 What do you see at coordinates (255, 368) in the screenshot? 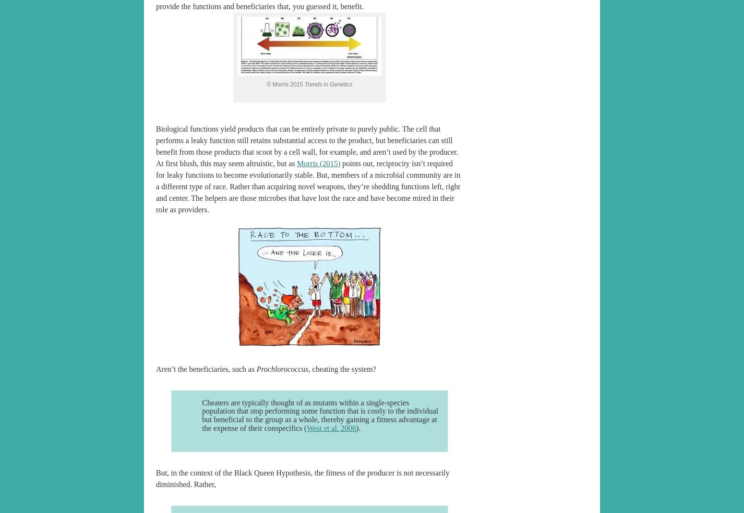
I see `'Prochlorococcus'` at bounding box center [255, 368].